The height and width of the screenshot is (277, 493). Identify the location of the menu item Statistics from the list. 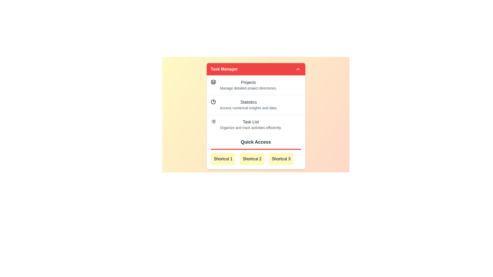
(256, 104).